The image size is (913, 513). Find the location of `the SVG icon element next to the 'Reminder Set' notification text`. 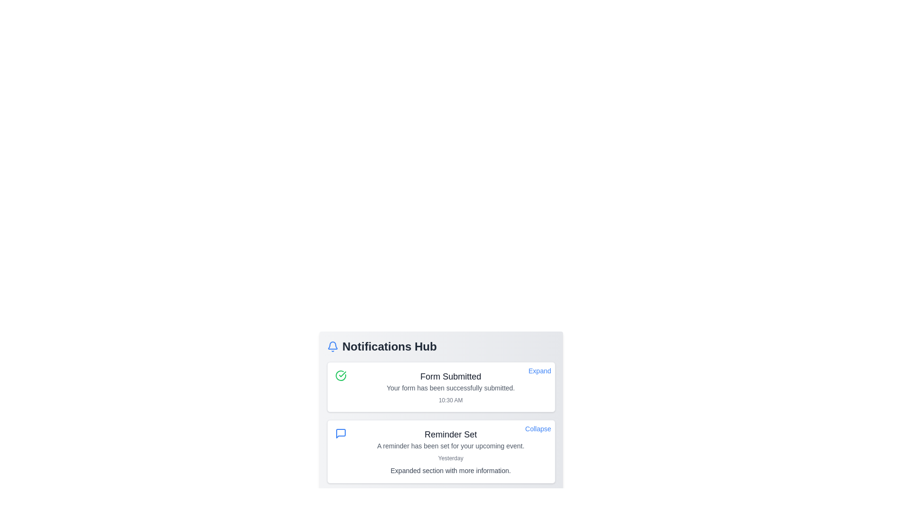

the SVG icon element next to the 'Reminder Set' notification text is located at coordinates (340, 434).